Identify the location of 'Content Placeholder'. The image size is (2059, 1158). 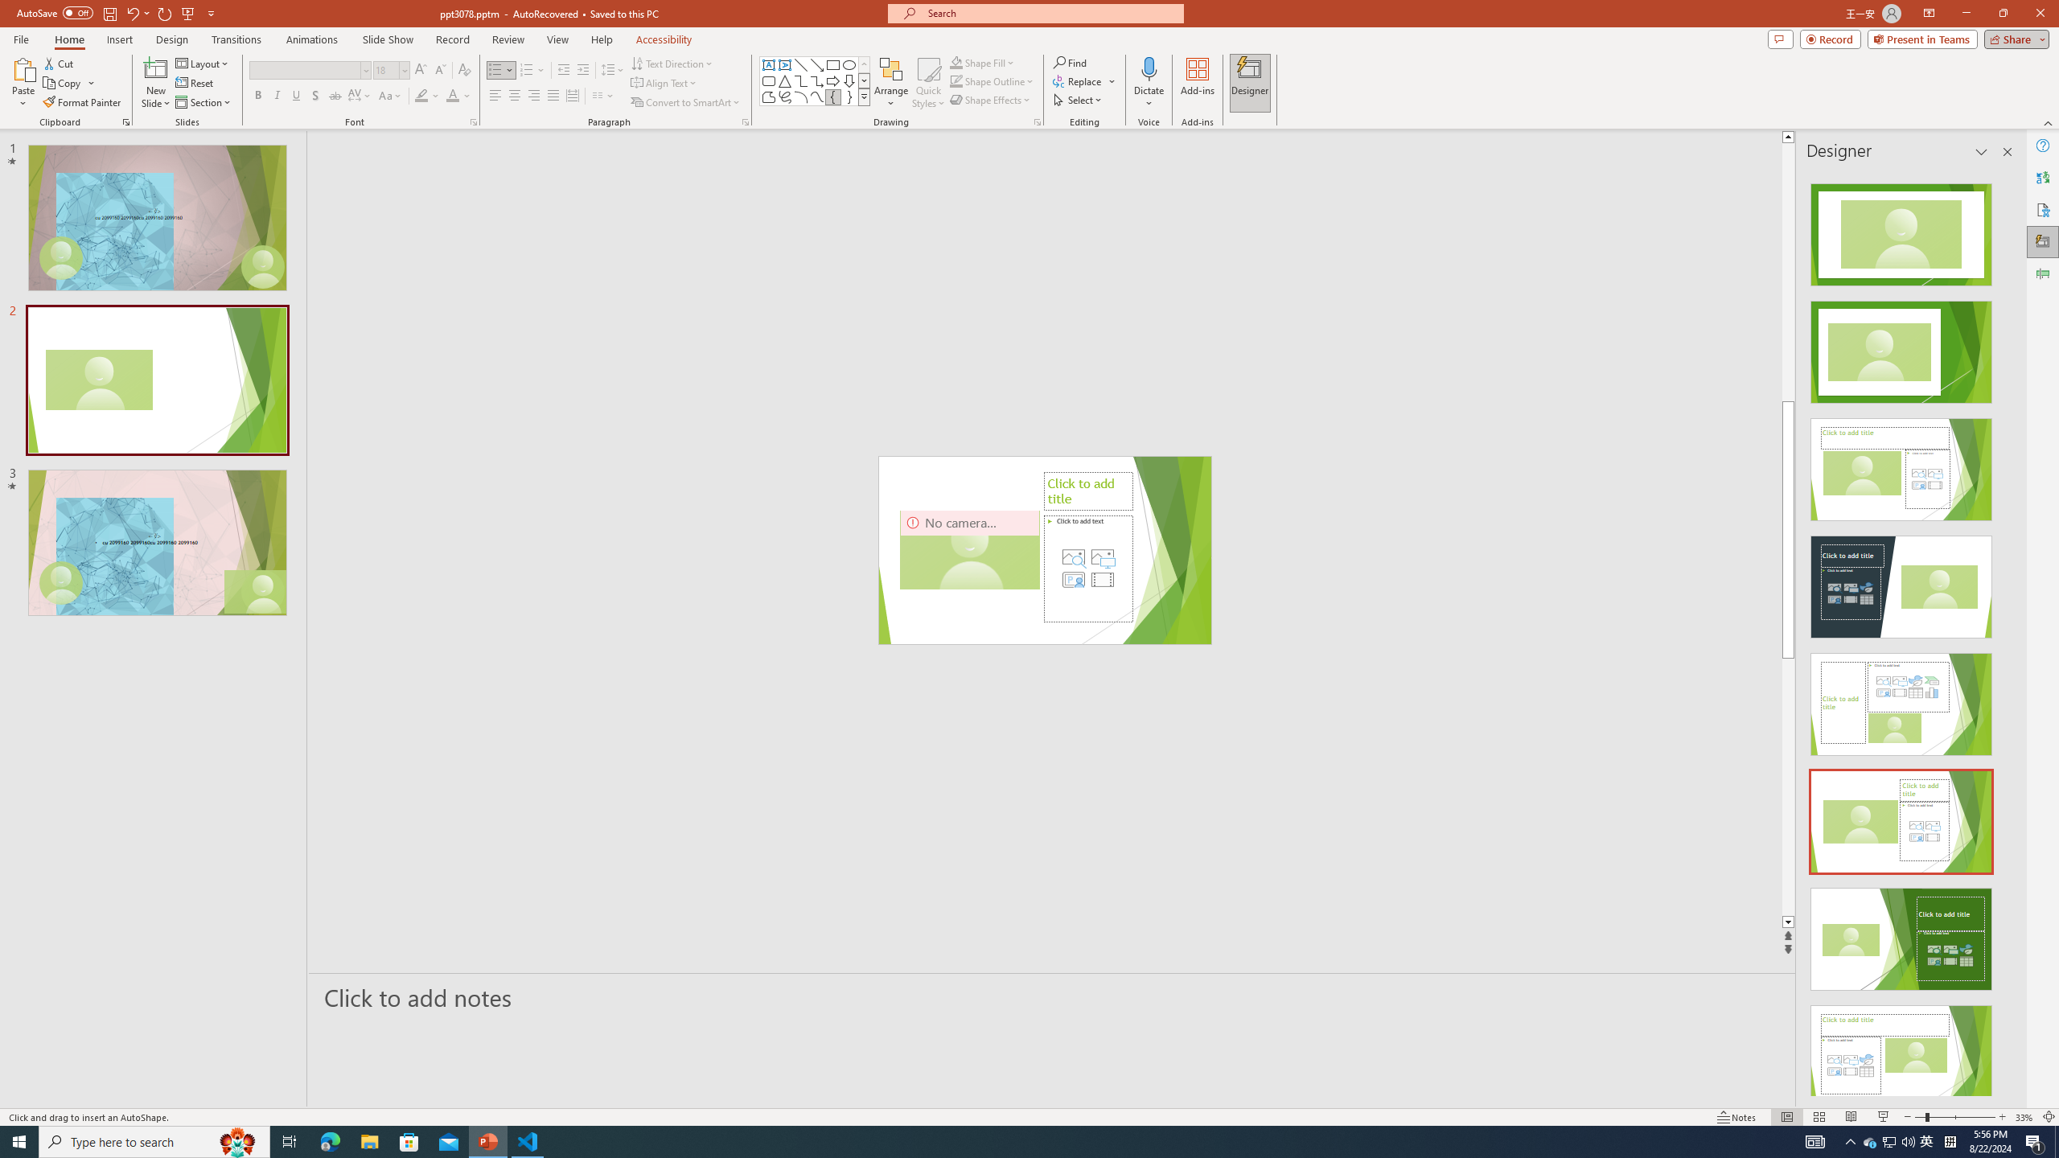
(1087, 568).